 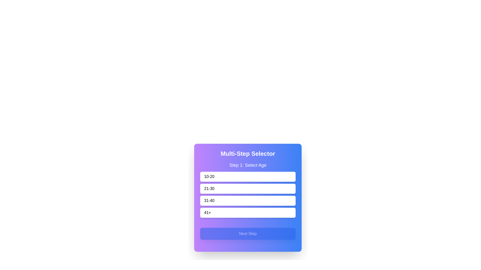 I want to click on the button labeled '41+' that is the bottom-most option in the Multi-Step Selector for selecting the age group, so click(x=248, y=213).